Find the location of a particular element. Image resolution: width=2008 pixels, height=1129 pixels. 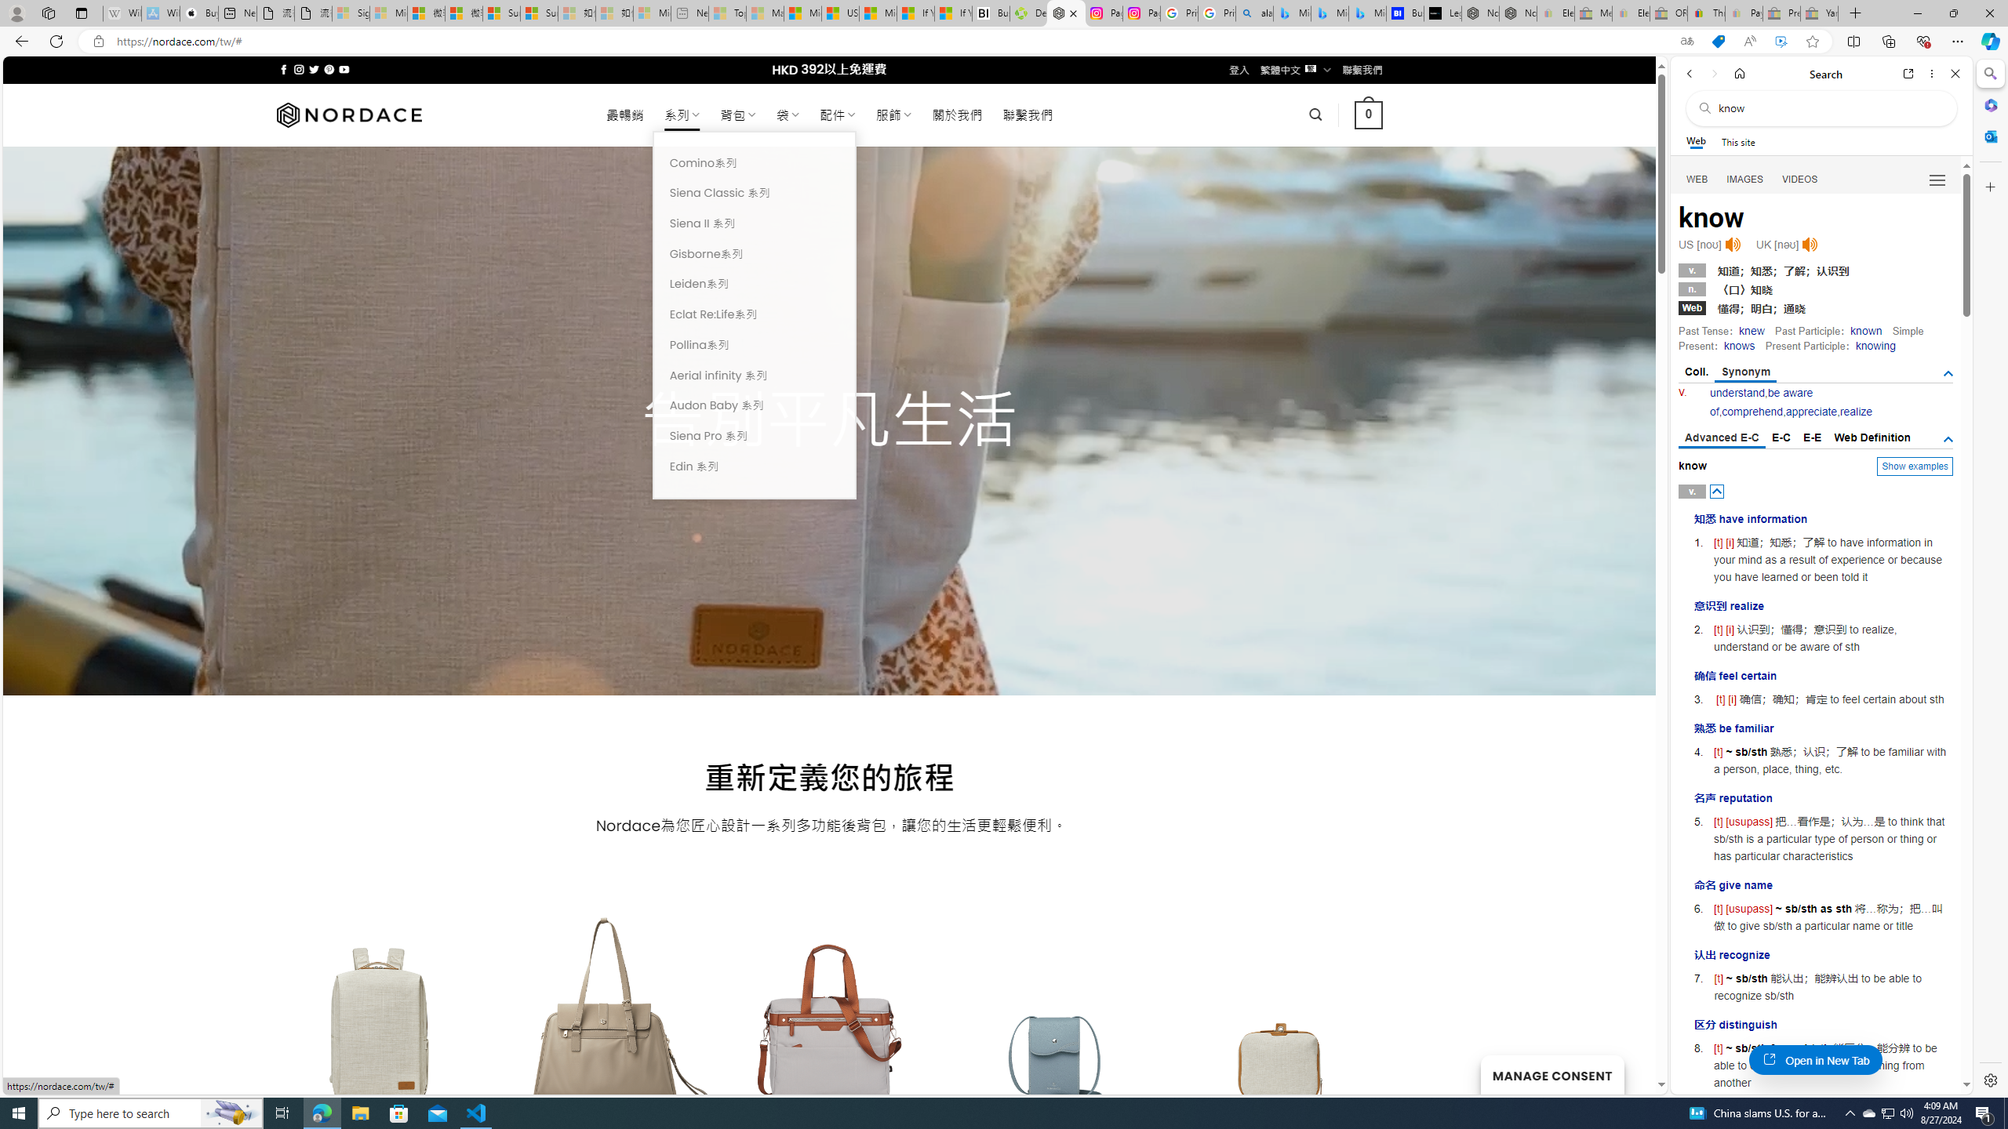

'knew' is located at coordinates (1752, 330).